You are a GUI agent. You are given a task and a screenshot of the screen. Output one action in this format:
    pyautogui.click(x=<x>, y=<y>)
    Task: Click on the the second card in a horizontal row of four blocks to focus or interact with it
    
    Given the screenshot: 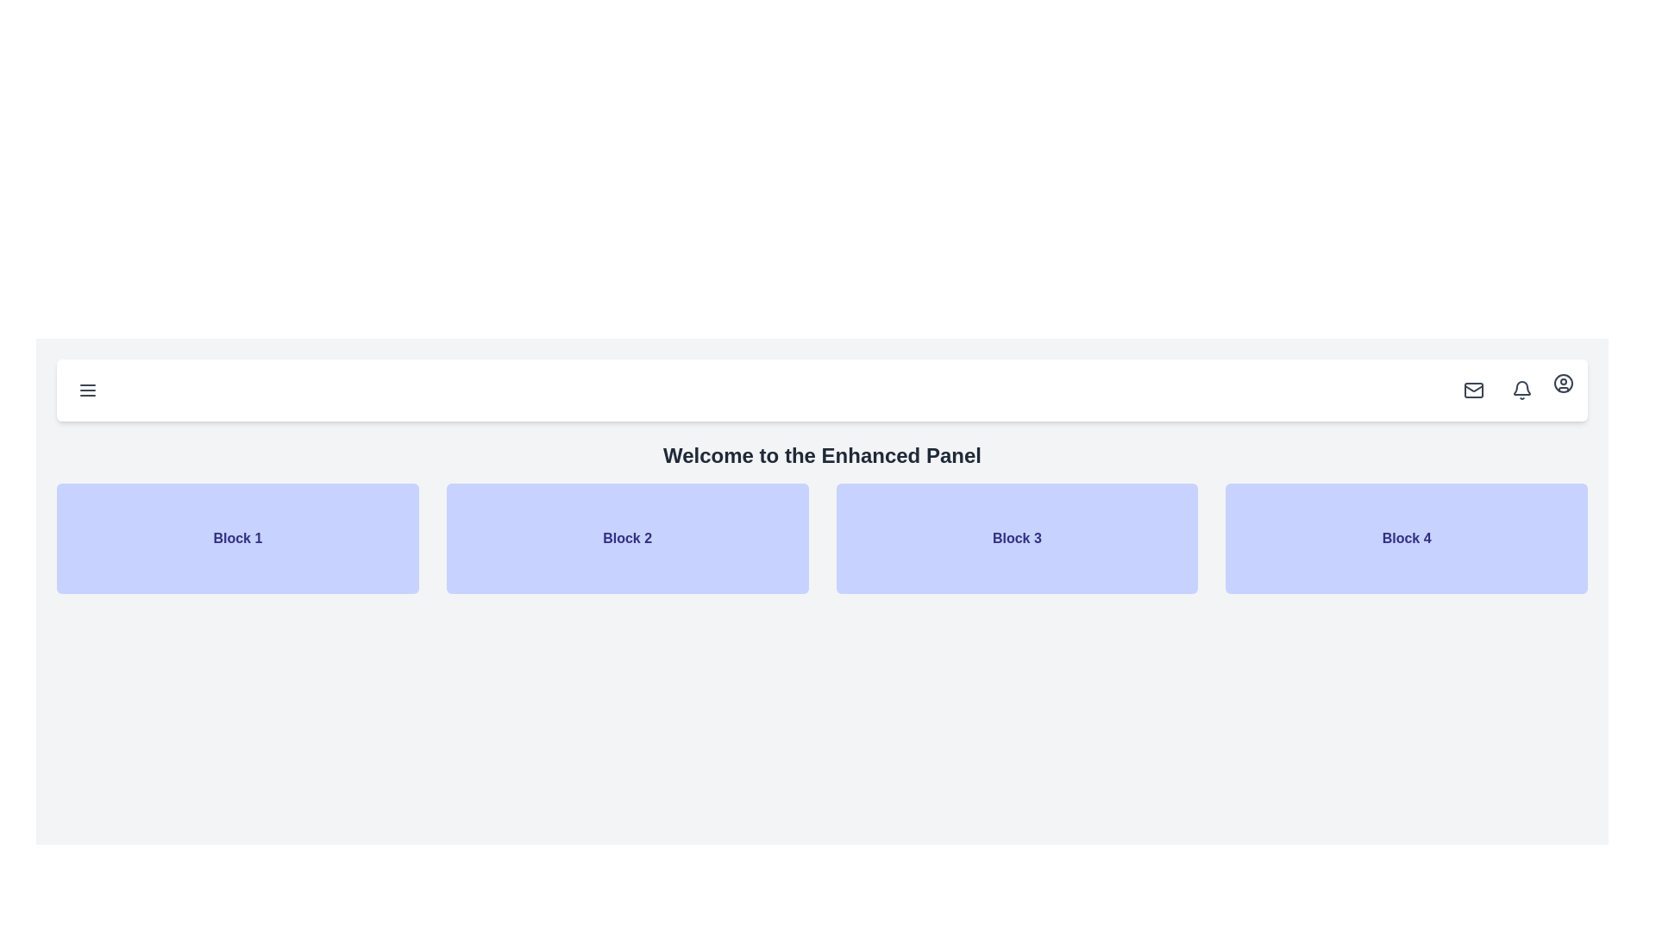 What is the action you would take?
    pyautogui.click(x=626, y=537)
    